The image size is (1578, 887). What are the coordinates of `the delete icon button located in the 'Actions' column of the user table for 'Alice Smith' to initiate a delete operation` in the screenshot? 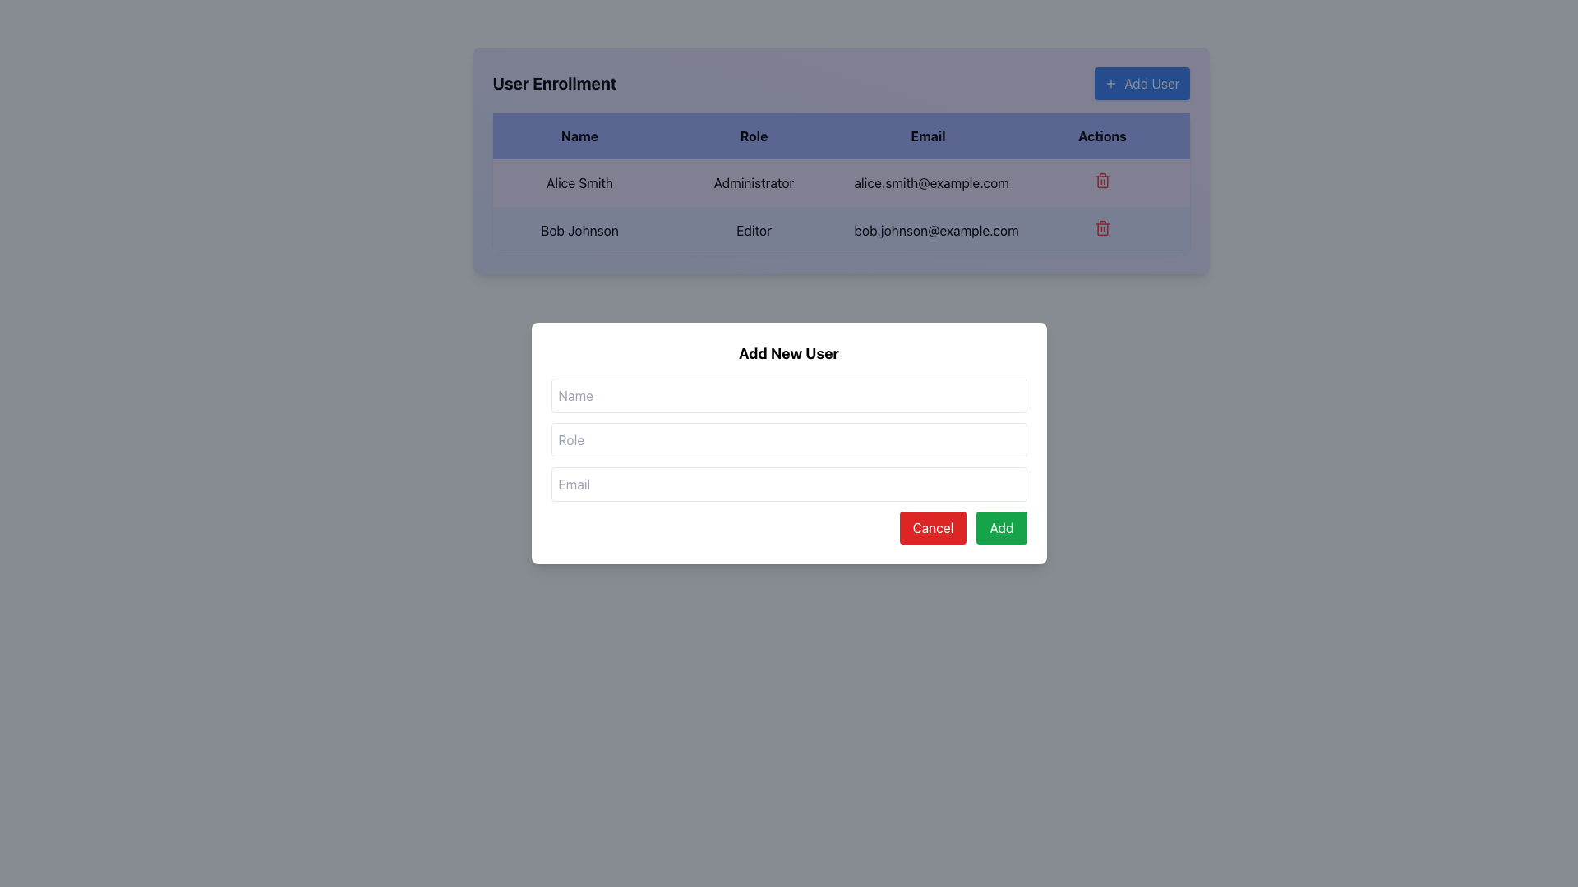 It's located at (1102, 180).